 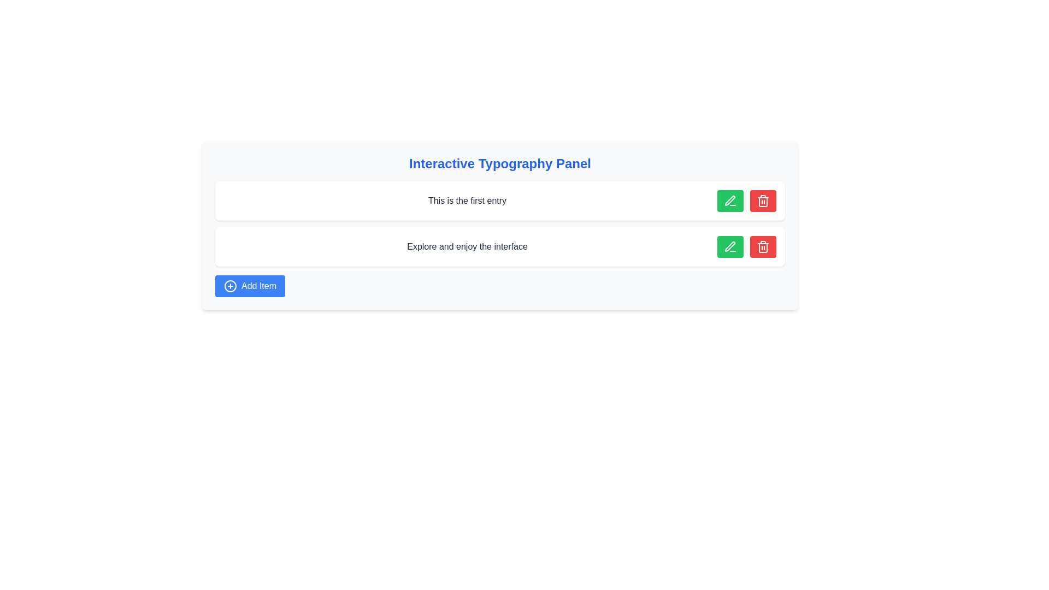 What do you see at coordinates (762, 246) in the screenshot?
I see `the delete icon button located at the far right of the second row in the interactive typography panel to initiate a delete action` at bounding box center [762, 246].